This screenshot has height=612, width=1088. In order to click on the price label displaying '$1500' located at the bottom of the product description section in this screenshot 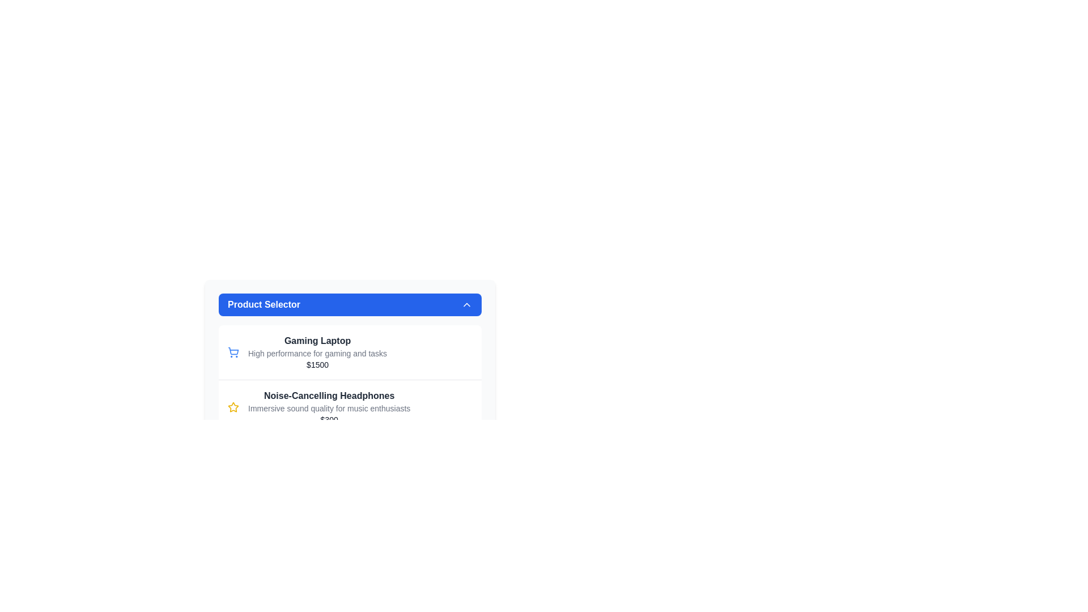, I will do `click(317, 365)`.